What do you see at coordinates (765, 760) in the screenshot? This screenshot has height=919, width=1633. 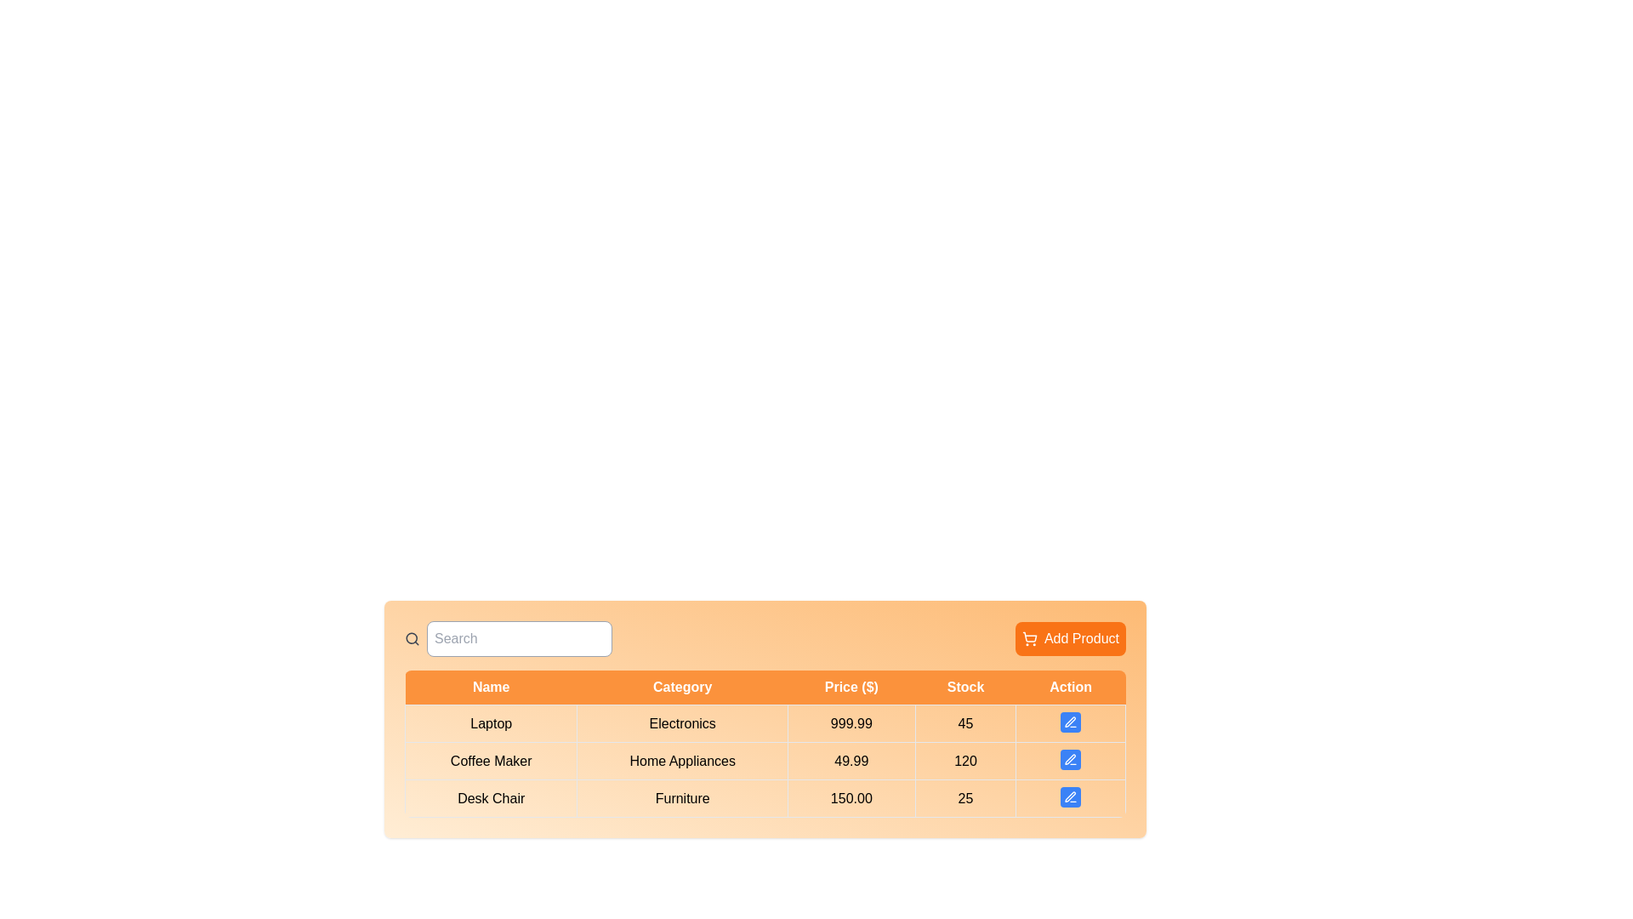 I see `the second row of the table that displays information about the product 'Coffee Maker'` at bounding box center [765, 760].